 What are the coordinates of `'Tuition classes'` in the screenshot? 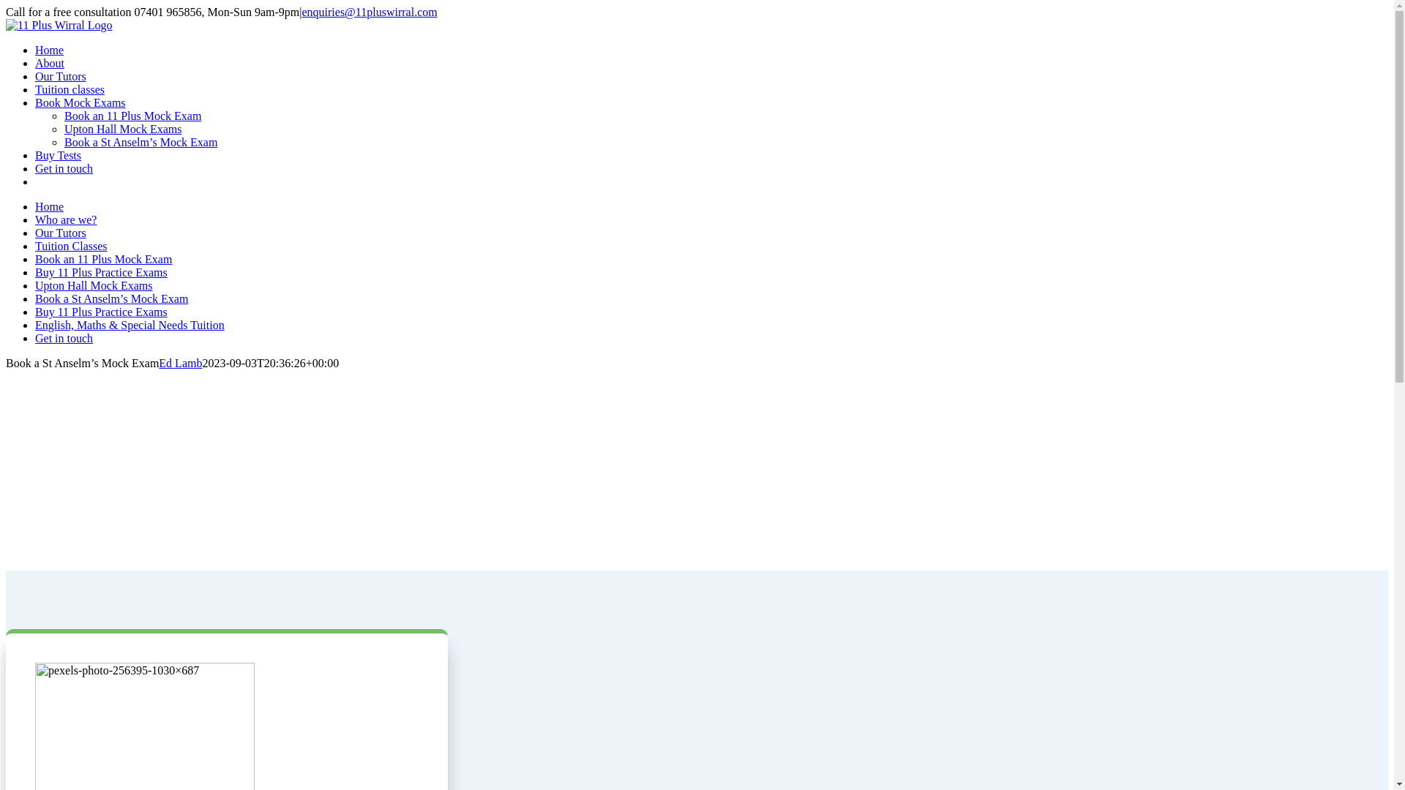 It's located at (69, 89).